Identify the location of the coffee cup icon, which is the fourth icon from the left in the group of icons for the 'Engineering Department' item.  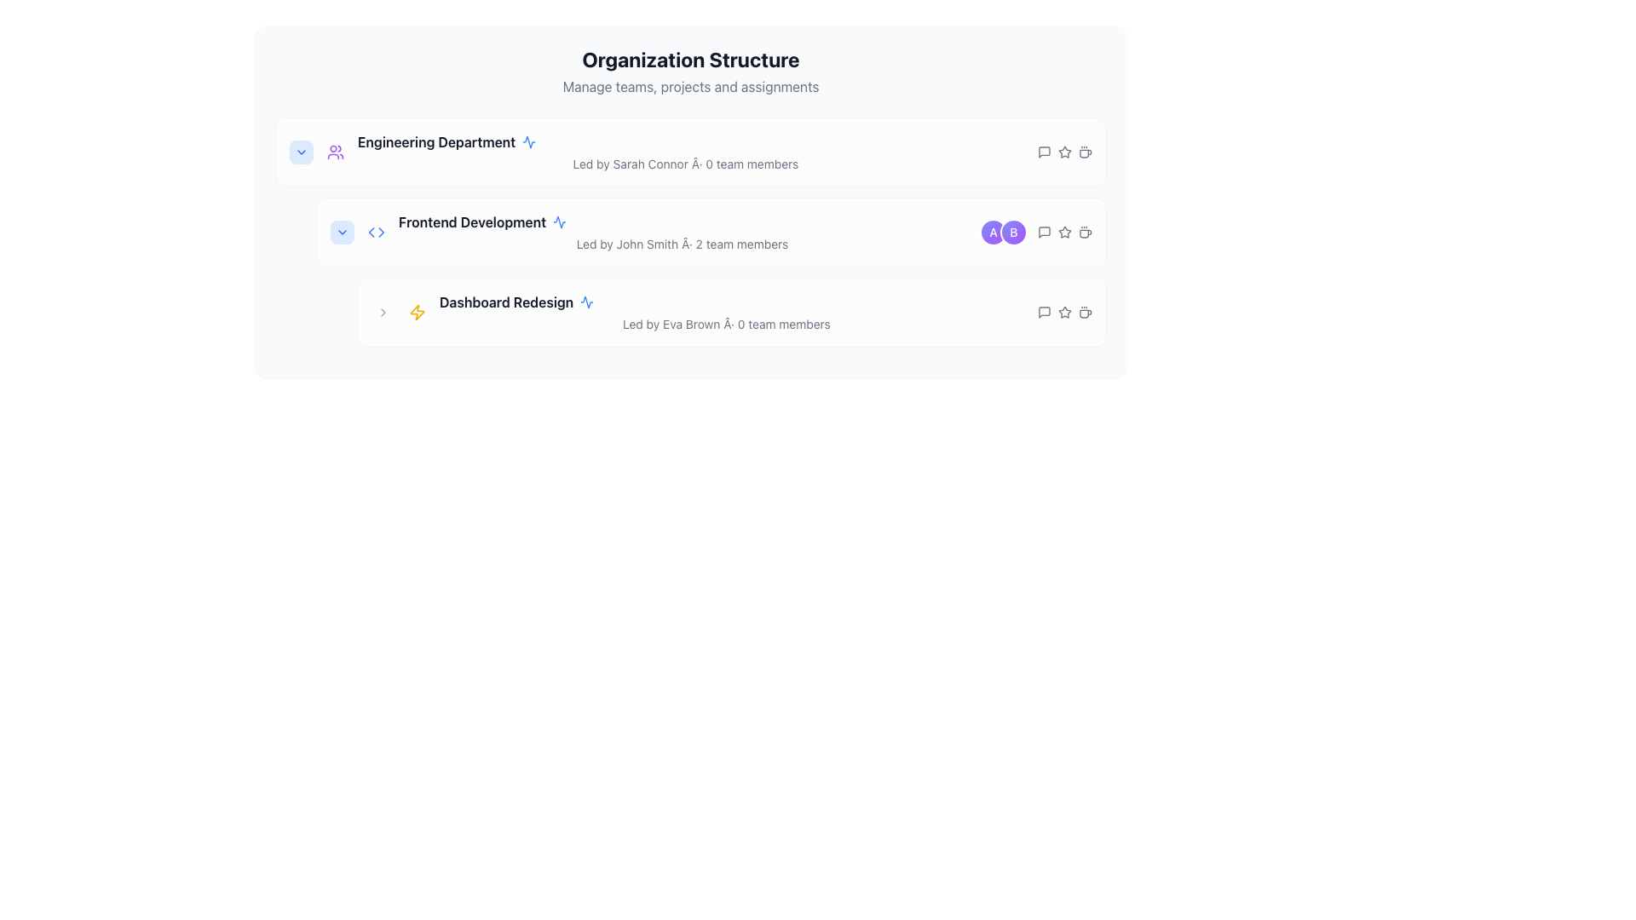
(1084, 151).